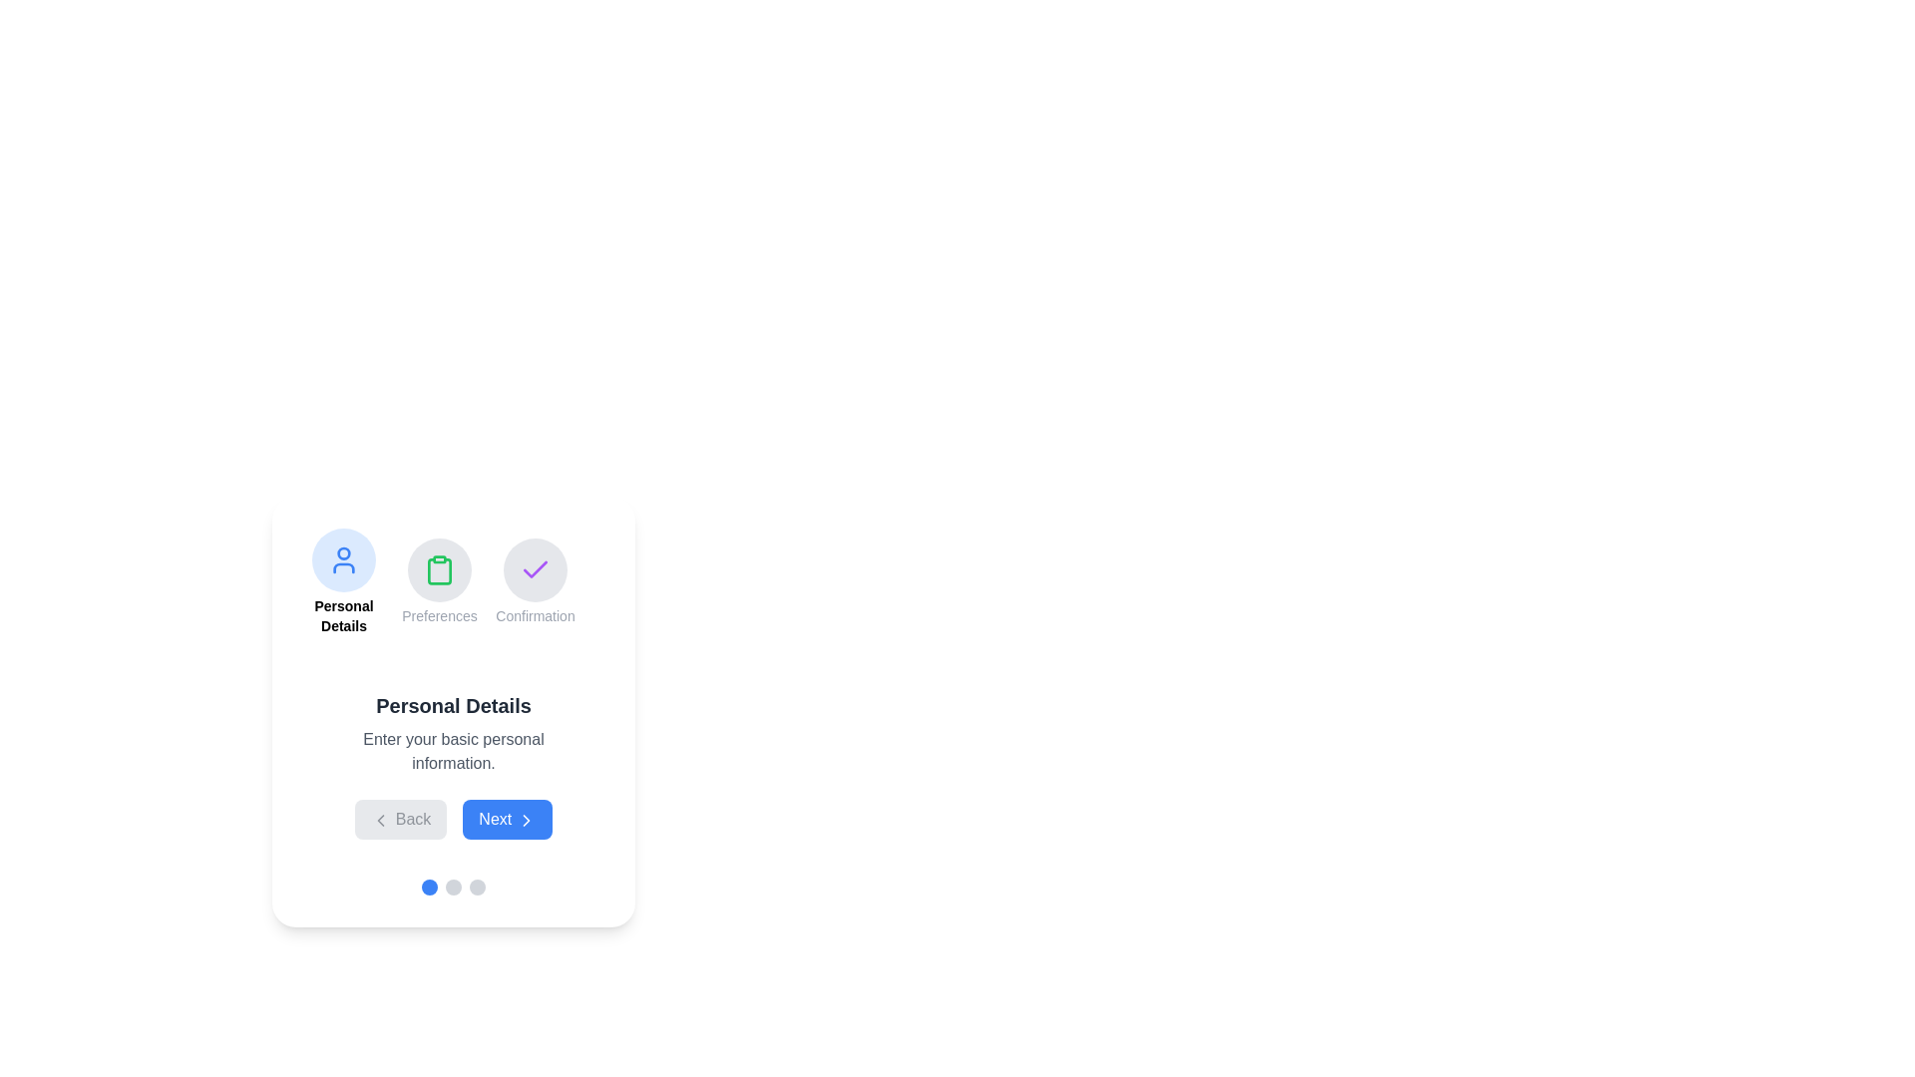  What do you see at coordinates (344, 568) in the screenshot?
I see `the decorative shape within the user icon in the 'Personal Details' section, which is located at the top of the card layout` at bounding box center [344, 568].